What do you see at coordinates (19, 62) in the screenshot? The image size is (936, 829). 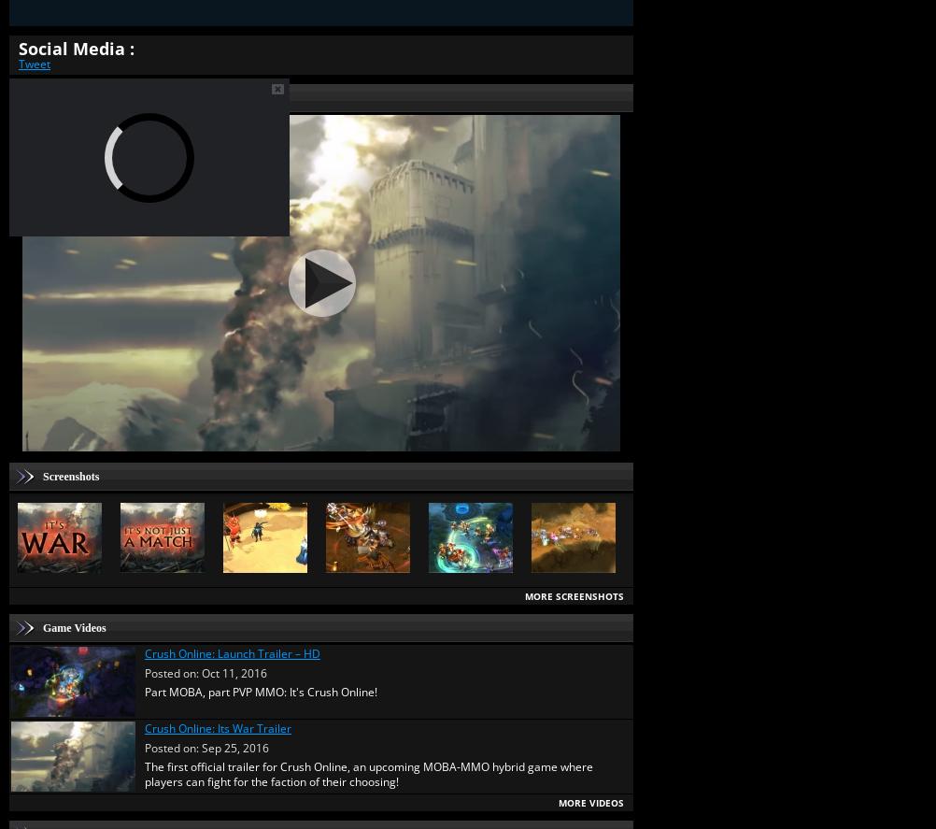 I see `'Tweet'` at bounding box center [19, 62].